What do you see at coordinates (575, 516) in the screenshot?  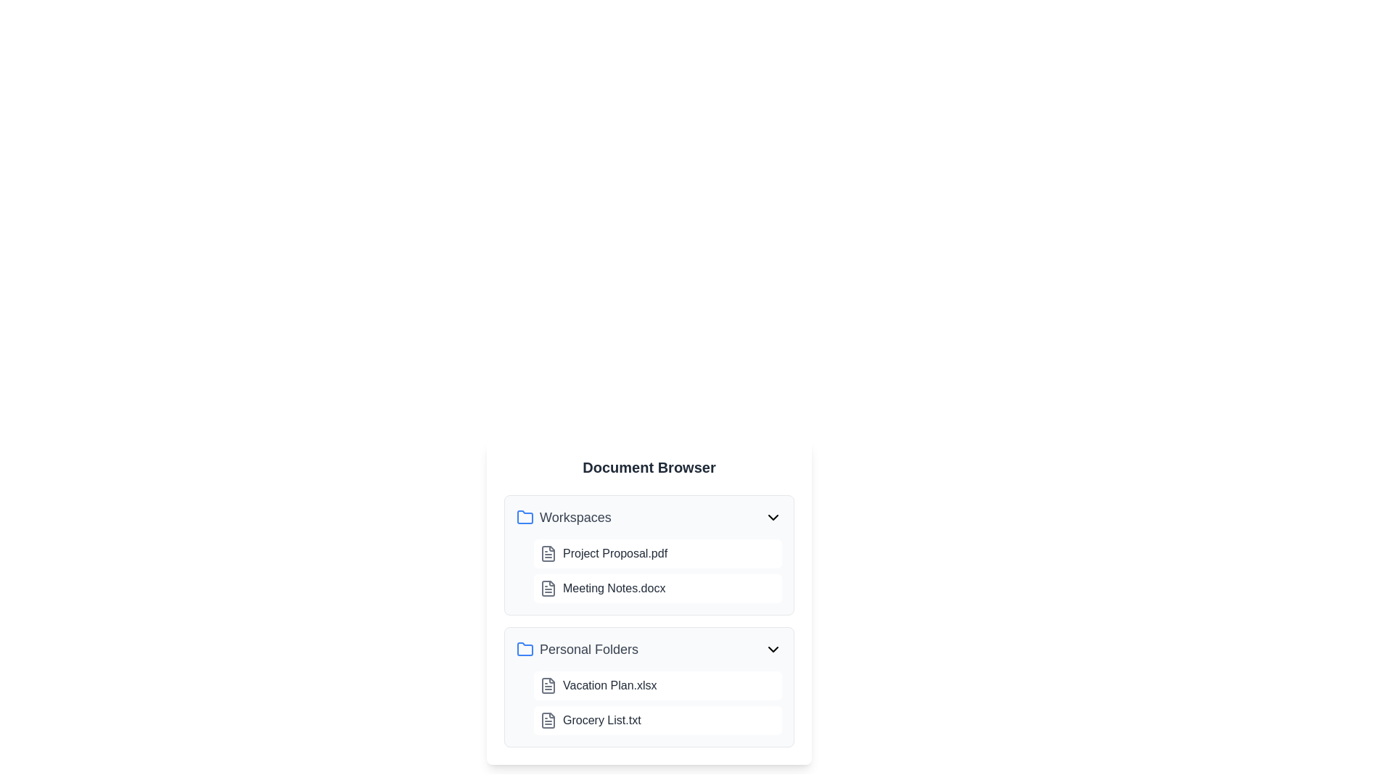 I see `the 'Workspaces' folder label, which is part of the Document Browser interface, located above a list of items` at bounding box center [575, 516].